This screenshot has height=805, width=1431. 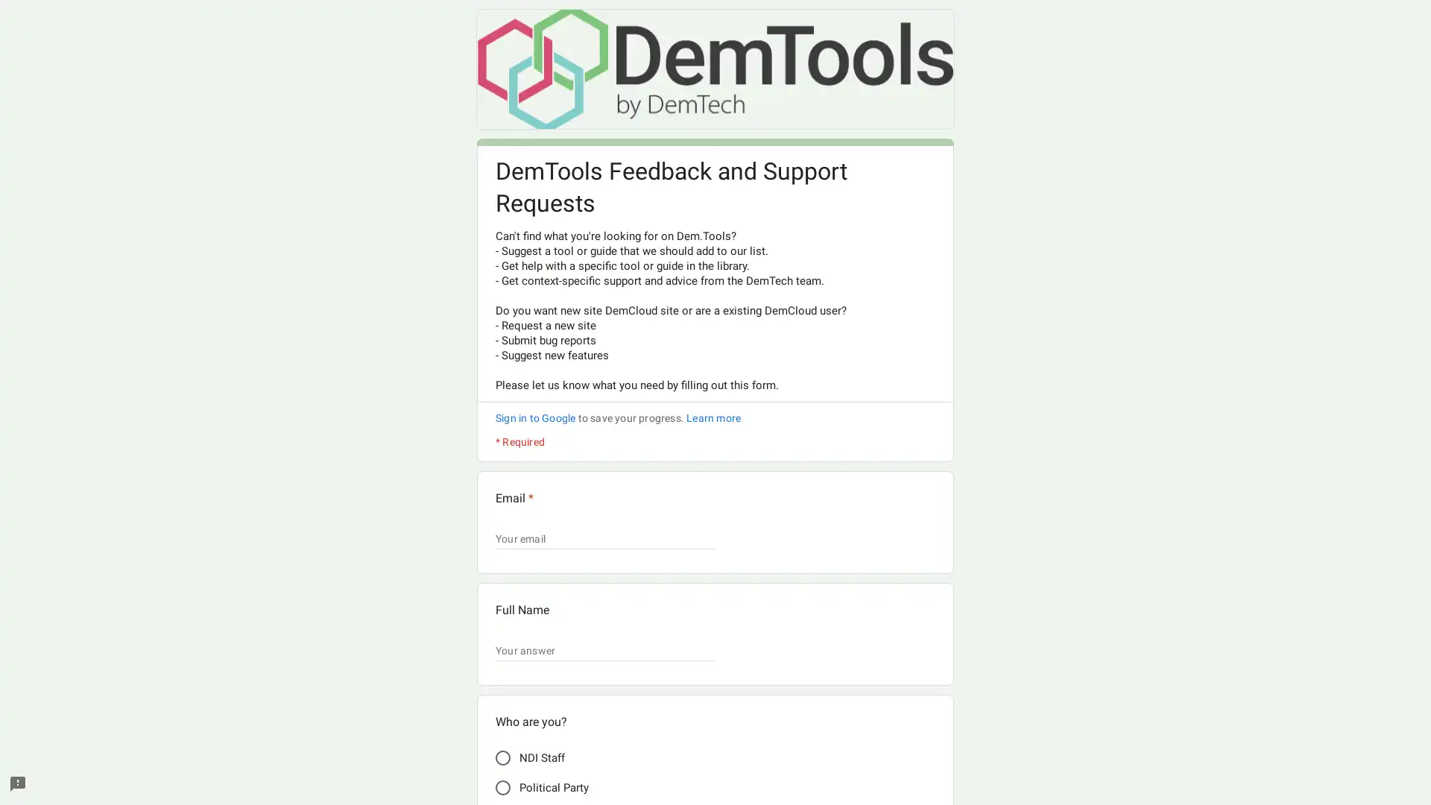 What do you see at coordinates (713, 417) in the screenshot?
I see `Learn more` at bounding box center [713, 417].